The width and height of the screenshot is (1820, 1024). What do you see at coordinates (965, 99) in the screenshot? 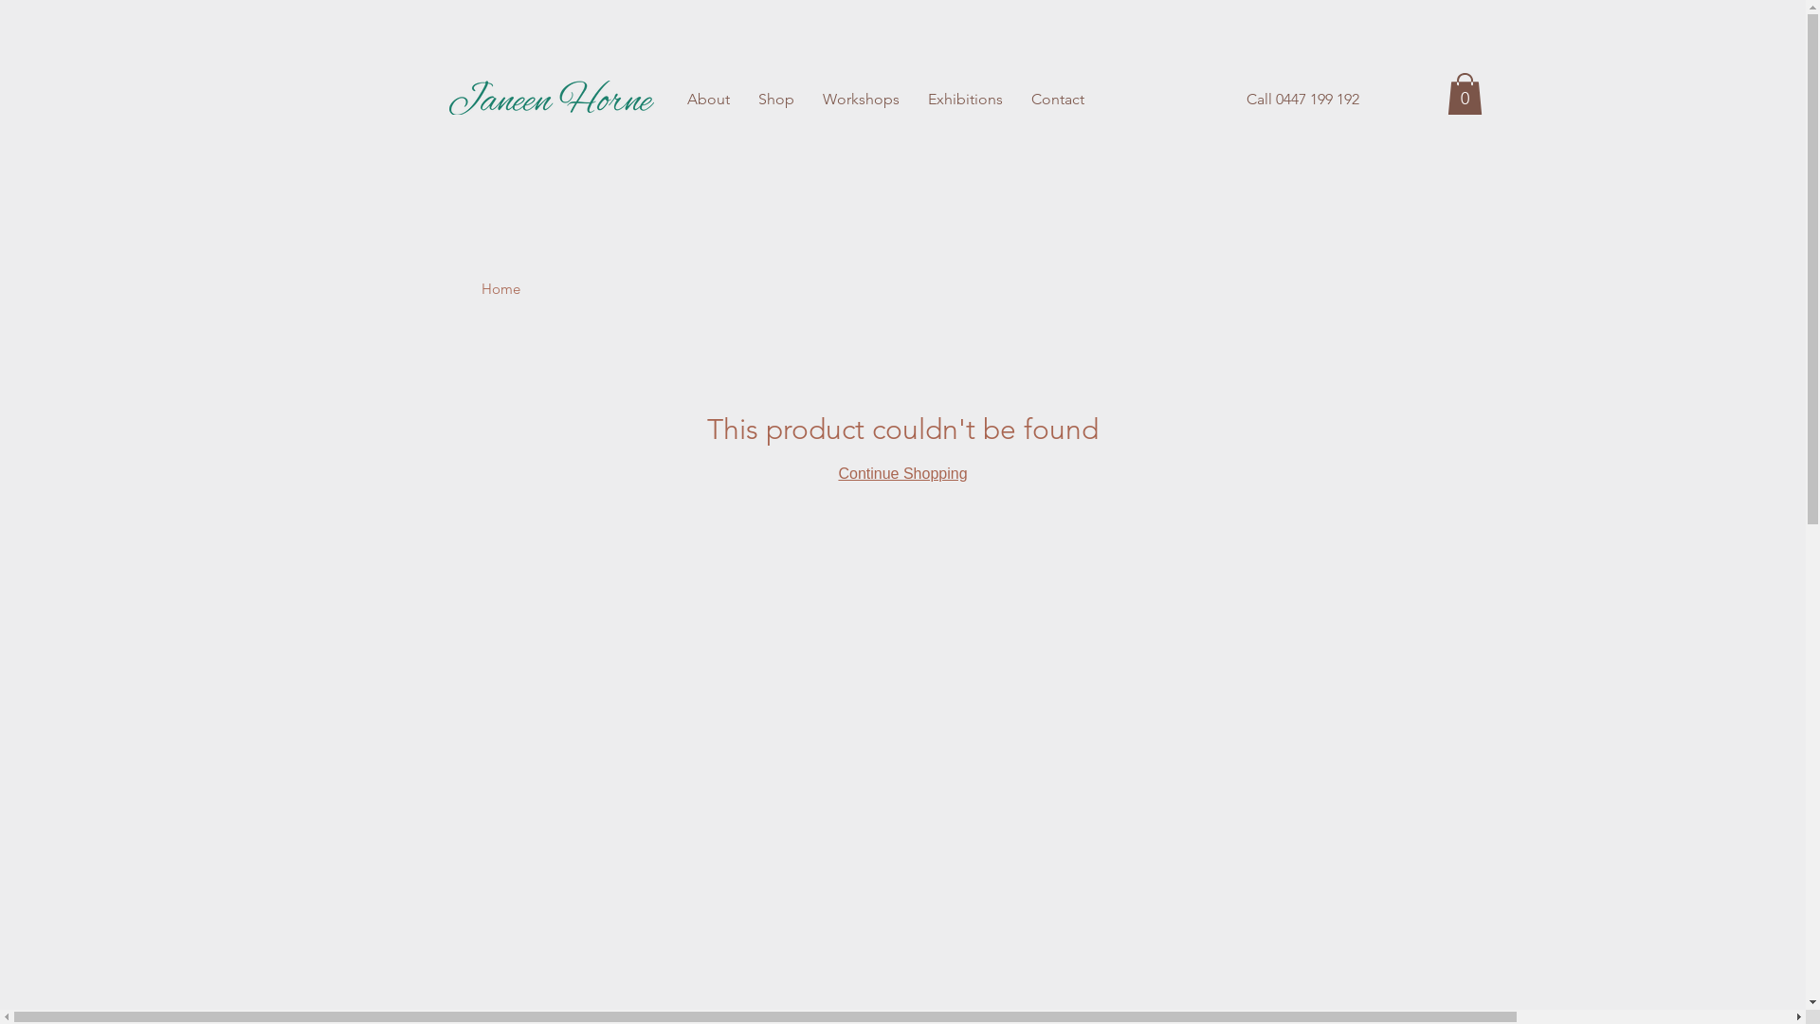
I see `'Exhibitions'` at bounding box center [965, 99].